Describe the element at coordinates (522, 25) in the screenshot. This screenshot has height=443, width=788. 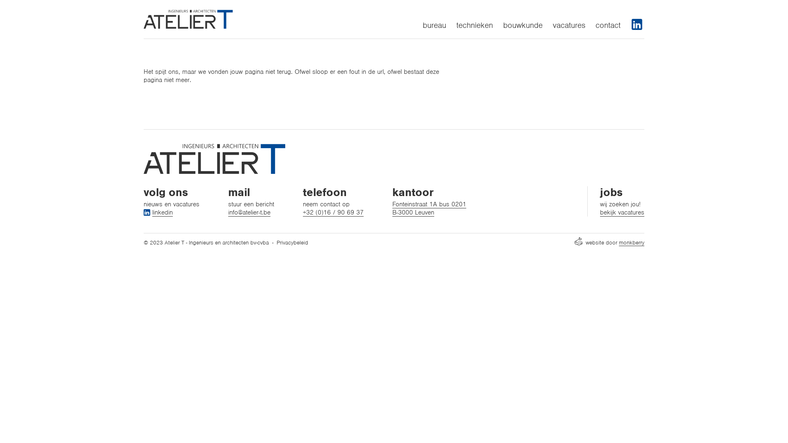
I see `'bouwkunde'` at that location.